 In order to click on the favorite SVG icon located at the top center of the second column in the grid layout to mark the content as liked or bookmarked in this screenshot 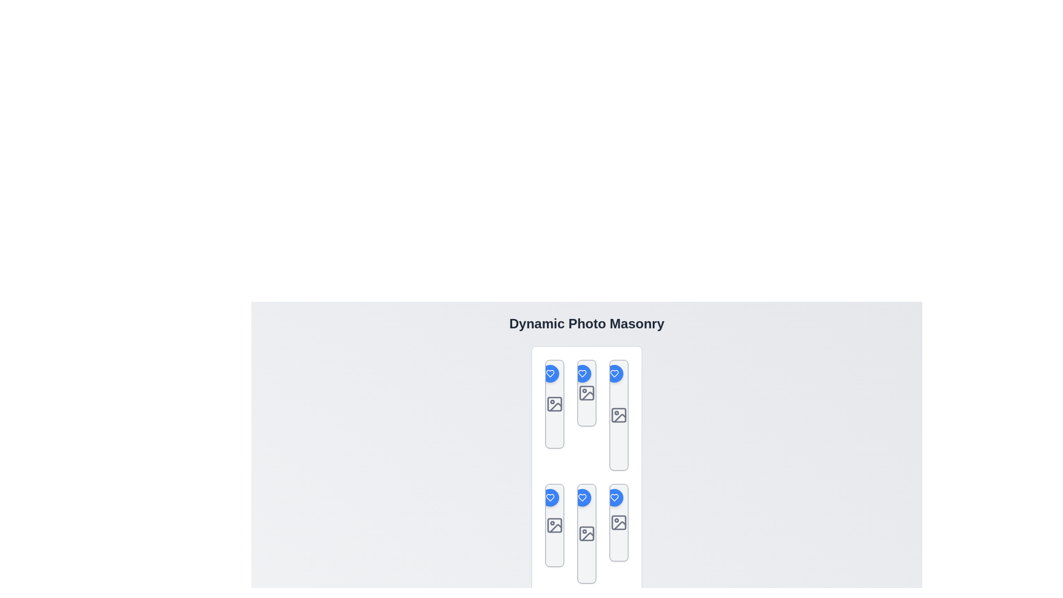, I will do `click(550, 374)`.